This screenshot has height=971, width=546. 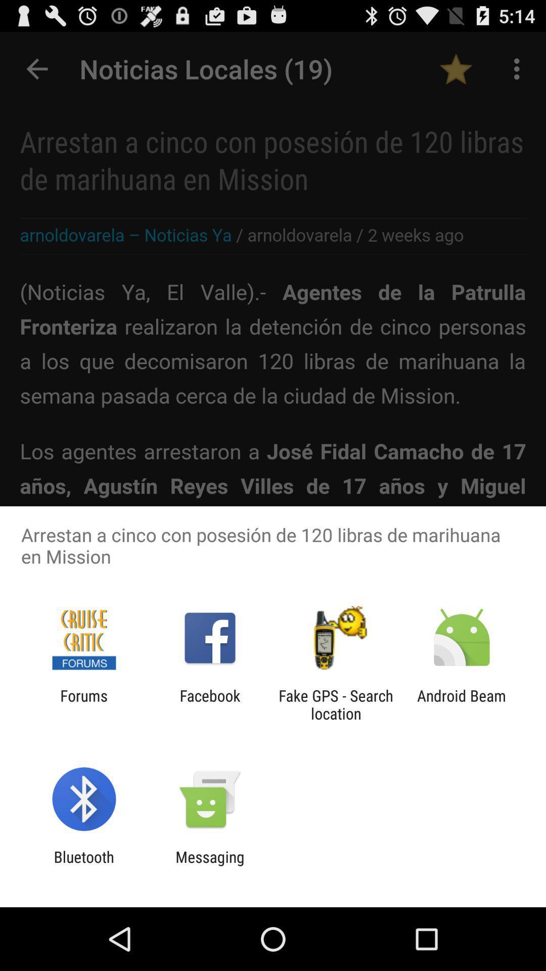 I want to click on icon to the right of the forums icon, so click(x=209, y=704).